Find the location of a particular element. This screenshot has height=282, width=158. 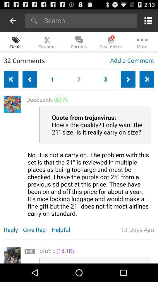

beginning is located at coordinates (11, 79).